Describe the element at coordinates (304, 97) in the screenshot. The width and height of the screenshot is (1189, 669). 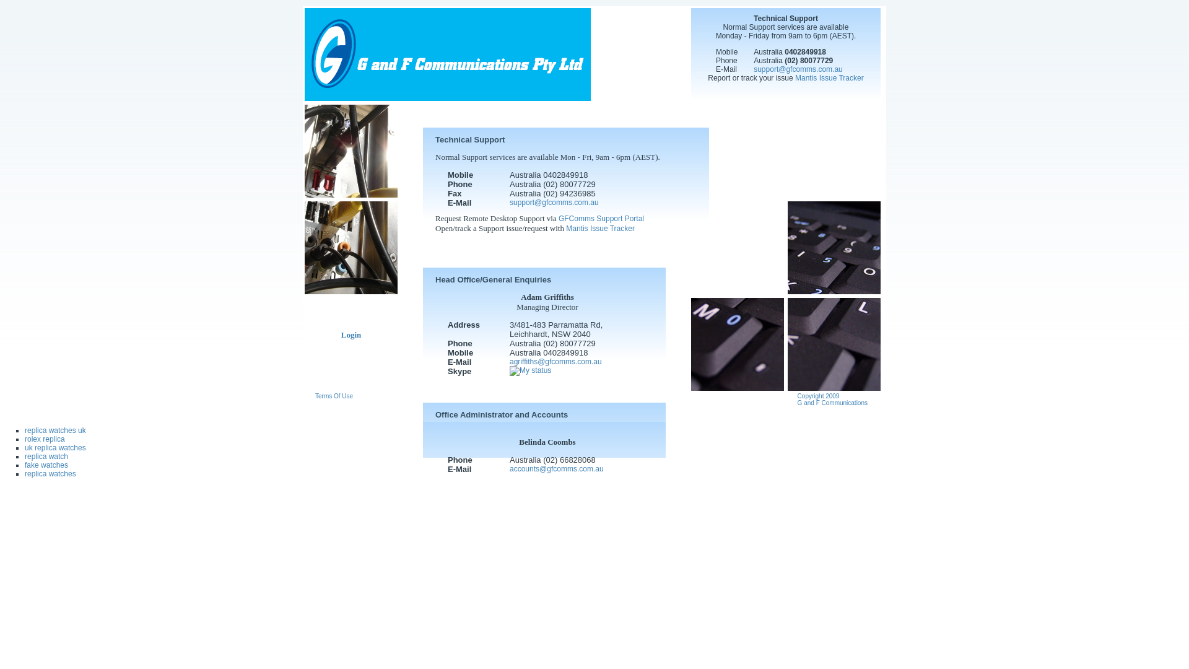
I see `'G and F Communications'` at that location.